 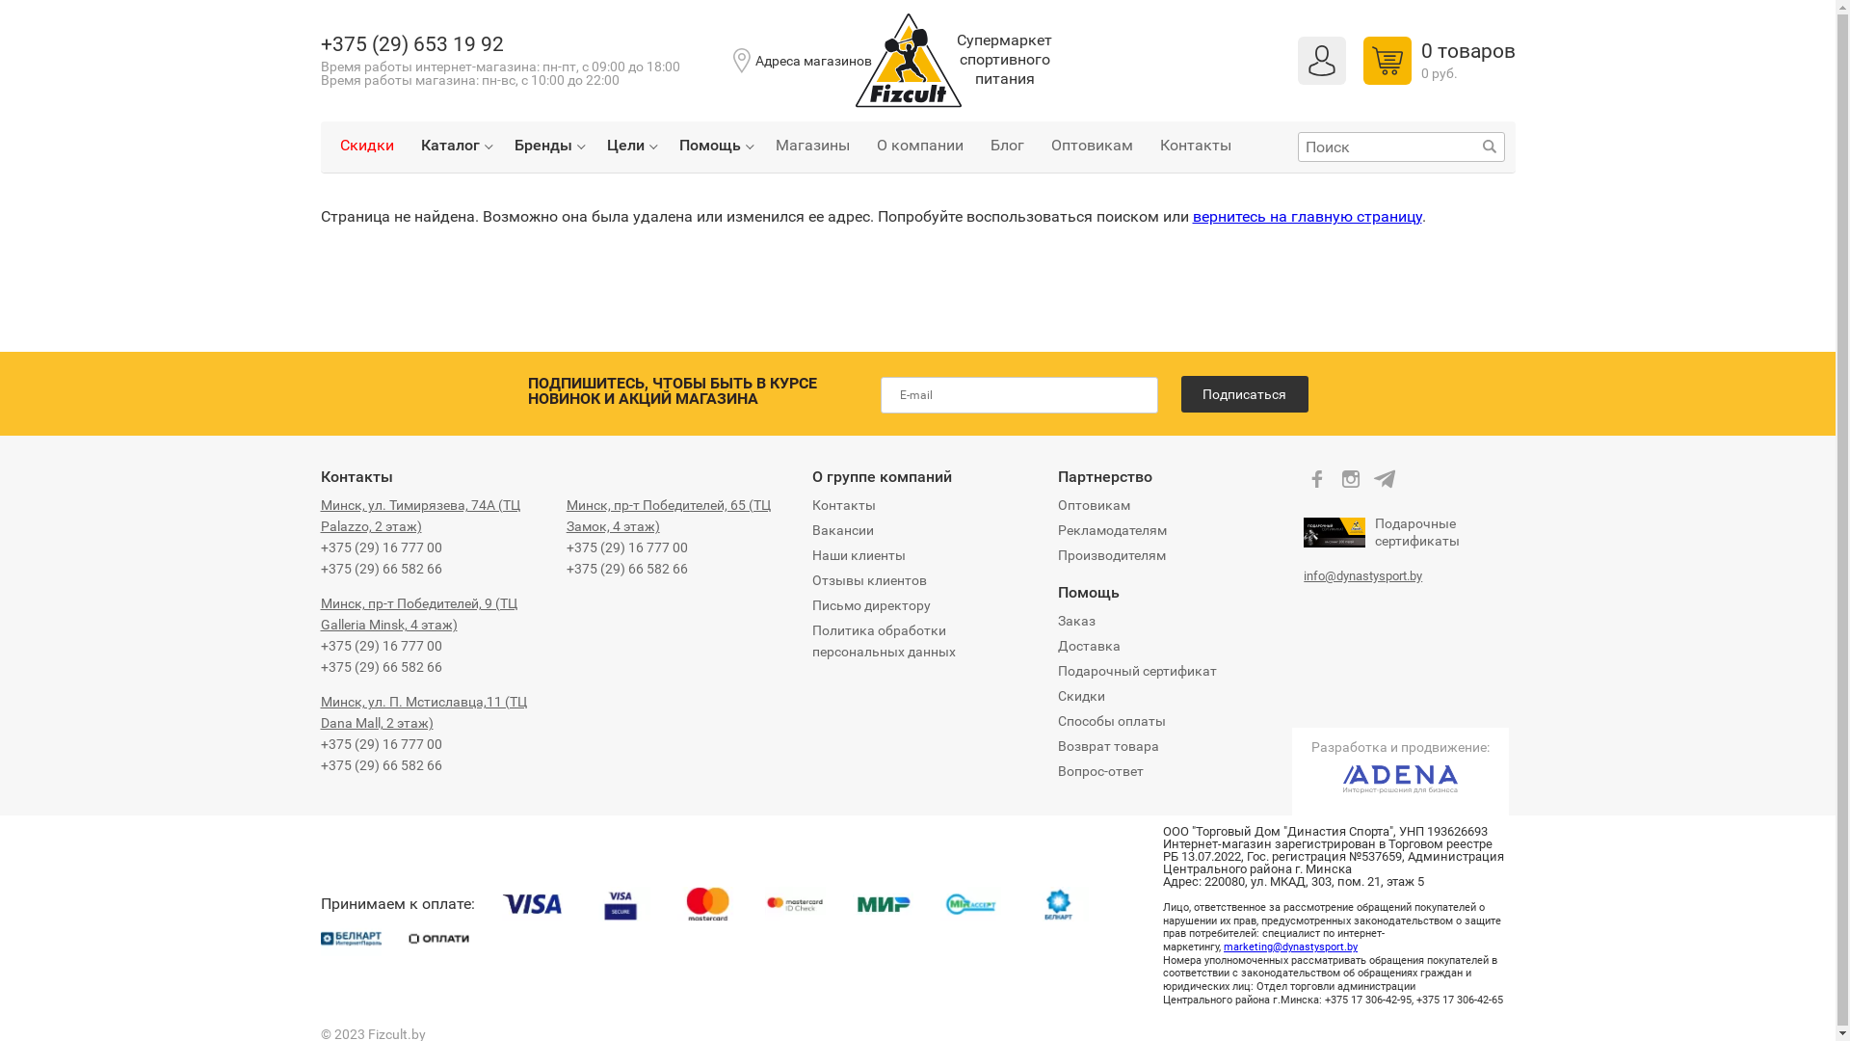 What do you see at coordinates (380, 764) in the screenshot?
I see `'+375 (29) 66 582 66'` at bounding box center [380, 764].